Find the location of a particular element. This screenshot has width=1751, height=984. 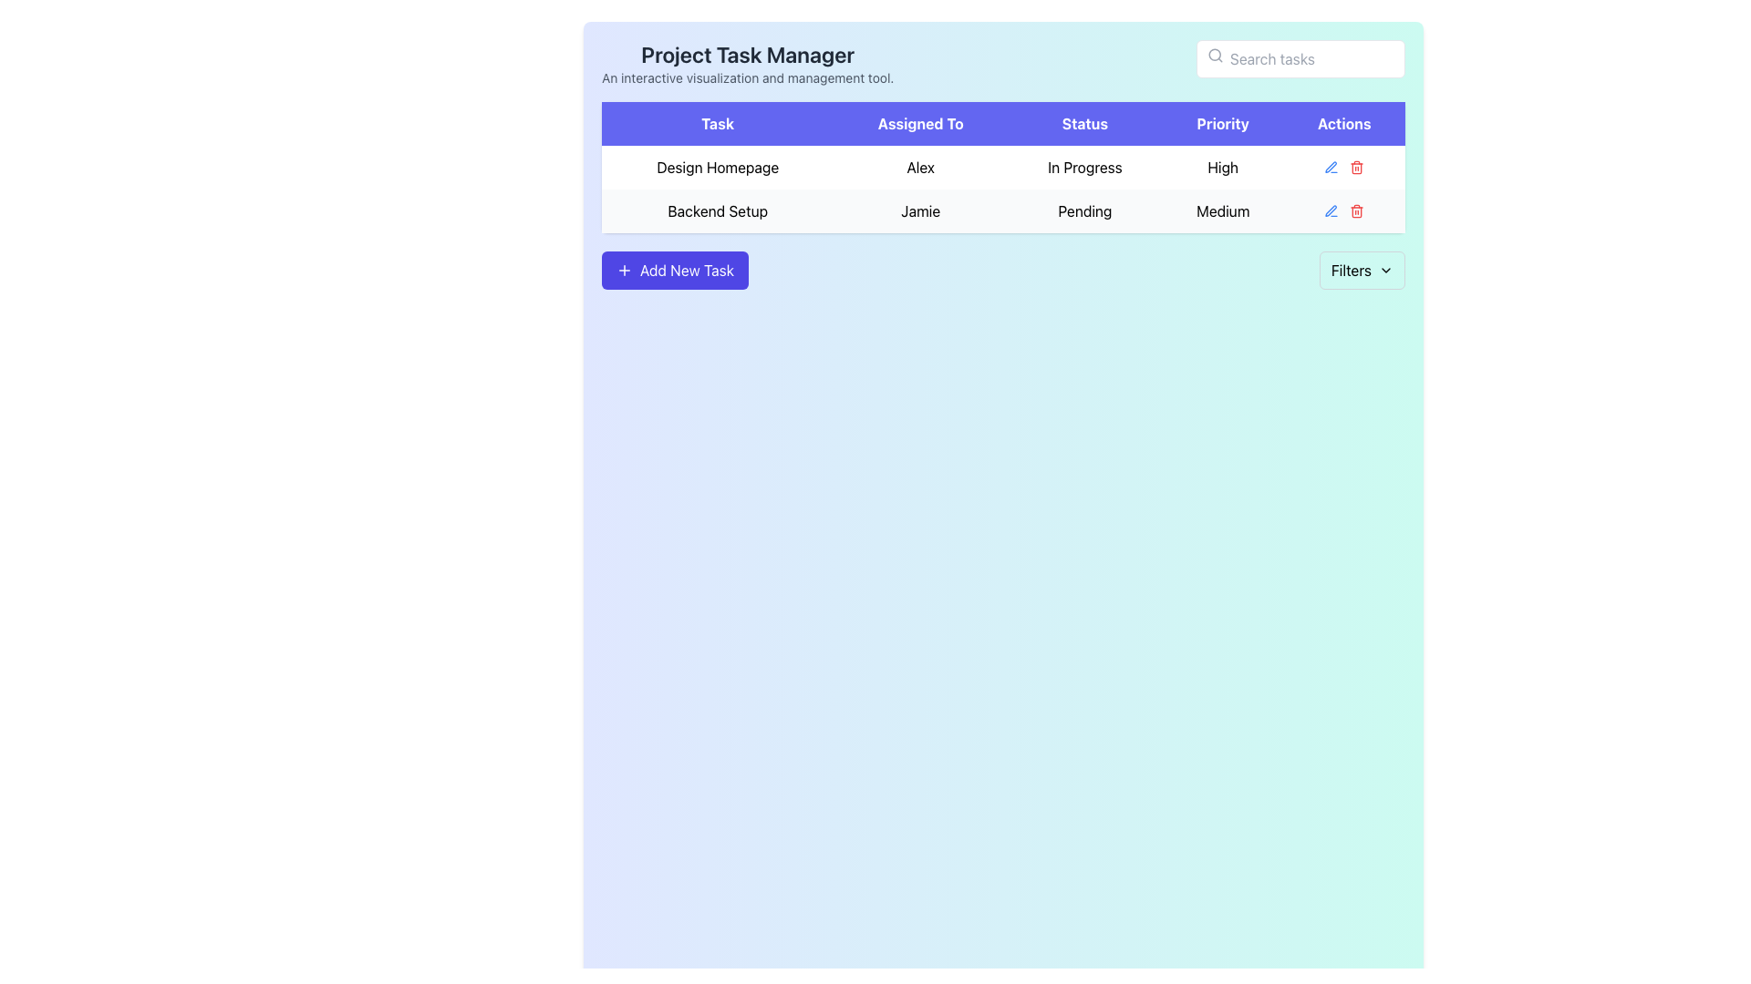

the first row in the task table, which displays task details including assignment, status, and priority is located at coordinates (1002, 168).